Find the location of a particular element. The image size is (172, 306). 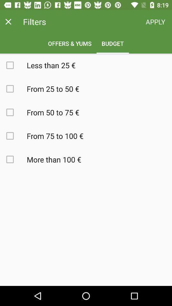

check from 50 to 75 is located at coordinates (13, 112).